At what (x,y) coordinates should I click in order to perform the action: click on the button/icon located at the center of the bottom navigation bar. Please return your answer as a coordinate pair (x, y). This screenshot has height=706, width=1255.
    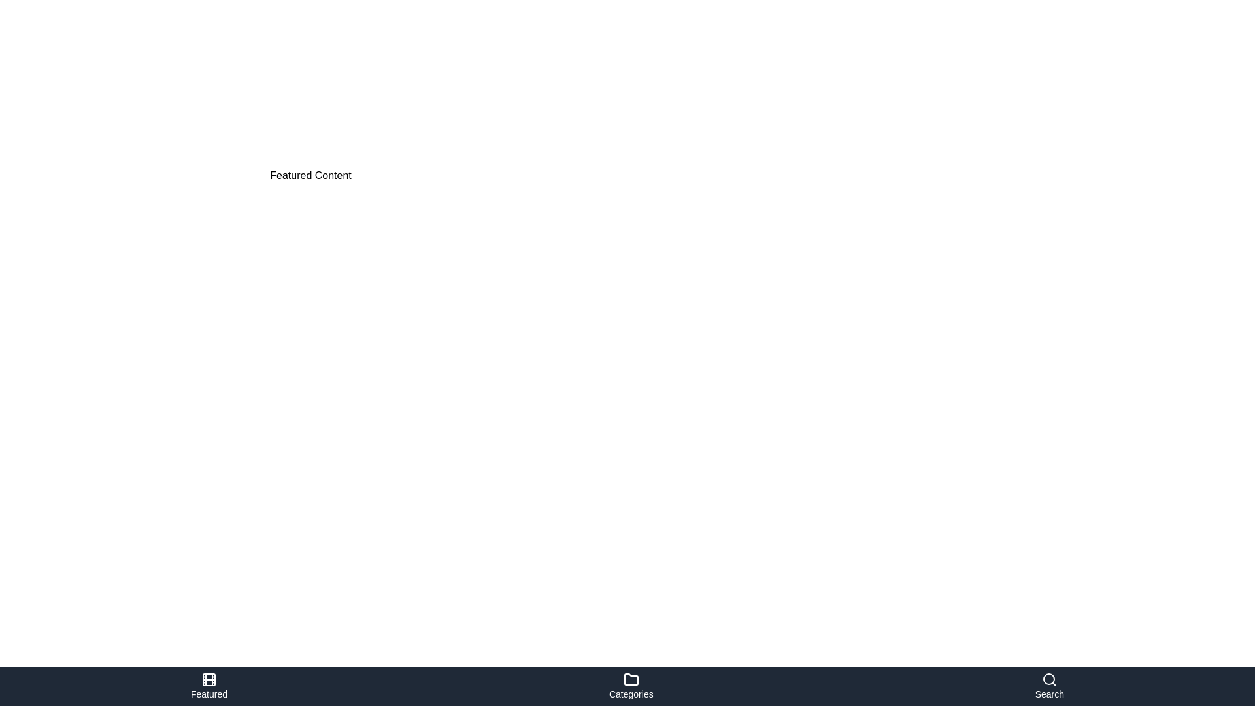
    Looking at the image, I should click on (209, 679).